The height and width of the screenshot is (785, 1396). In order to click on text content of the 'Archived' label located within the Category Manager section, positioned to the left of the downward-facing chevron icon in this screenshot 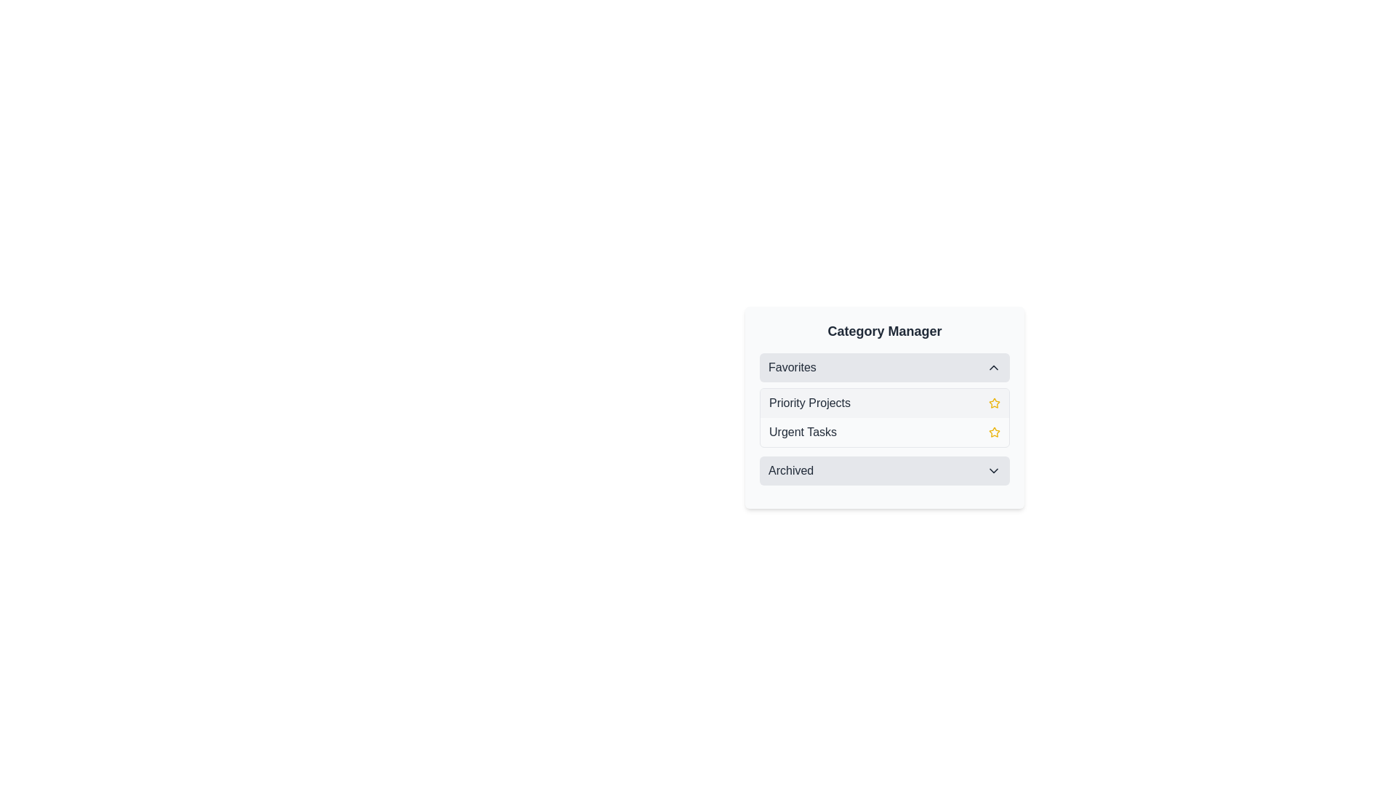, I will do `click(790, 471)`.